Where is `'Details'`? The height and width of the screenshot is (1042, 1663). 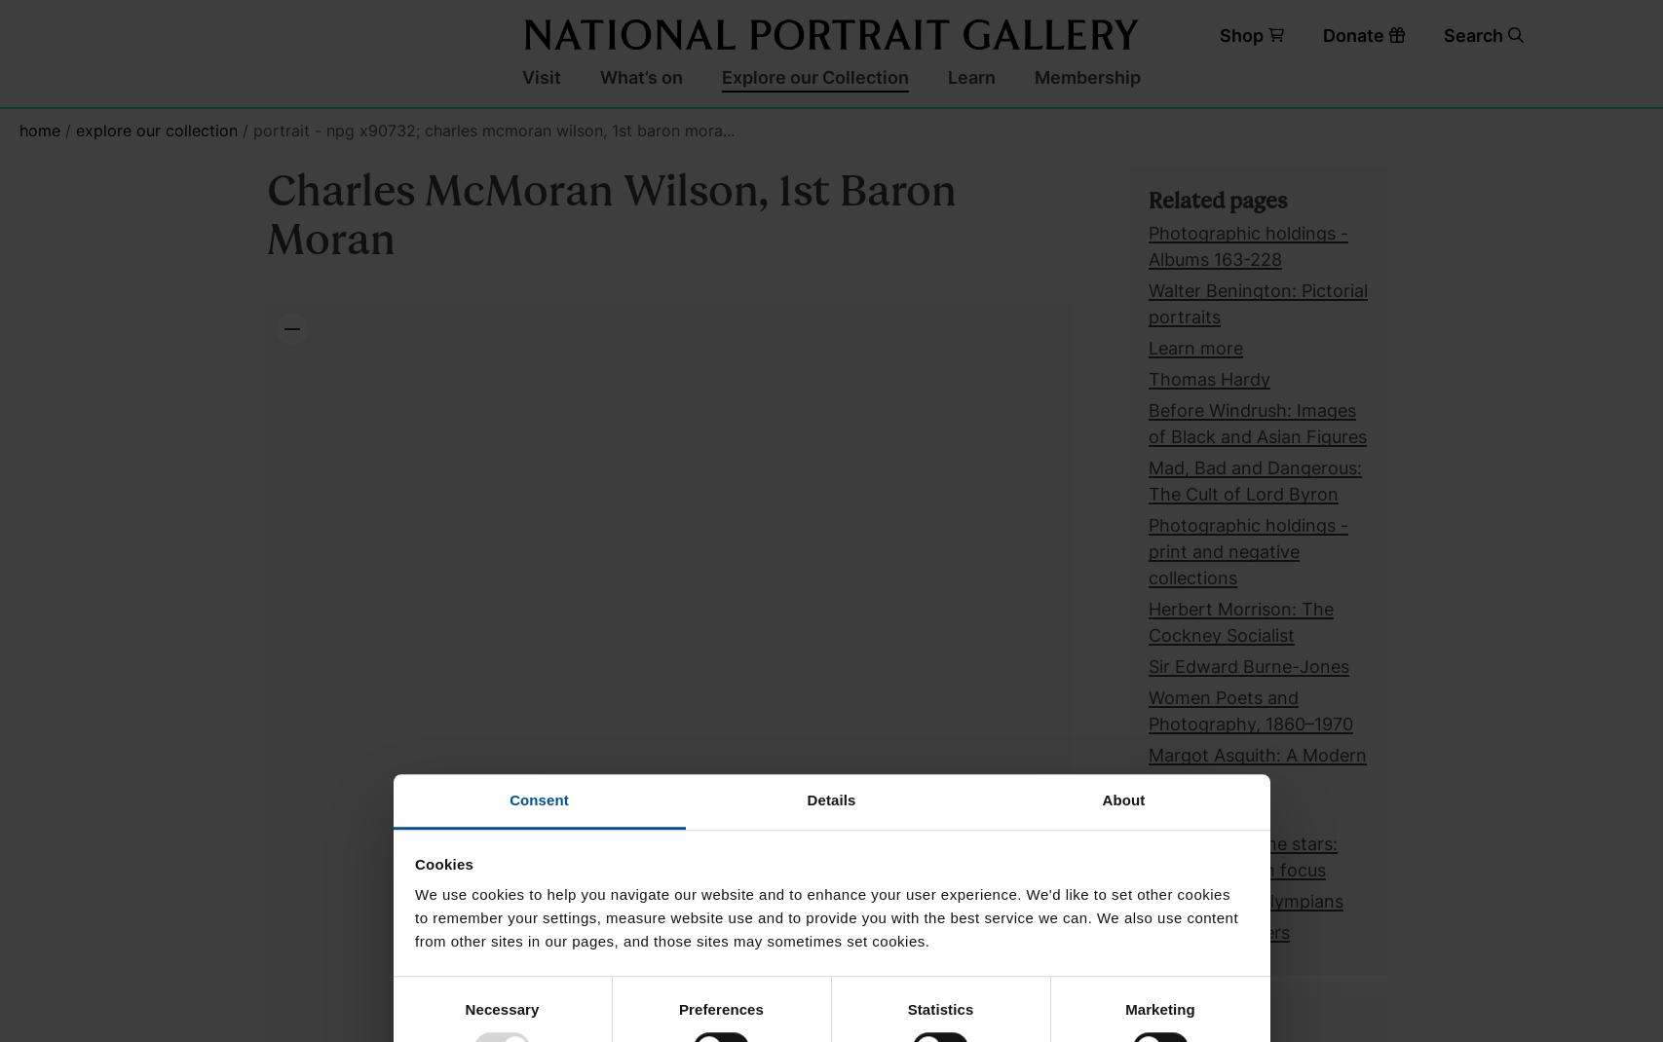
'Details' is located at coordinates (830, 800).